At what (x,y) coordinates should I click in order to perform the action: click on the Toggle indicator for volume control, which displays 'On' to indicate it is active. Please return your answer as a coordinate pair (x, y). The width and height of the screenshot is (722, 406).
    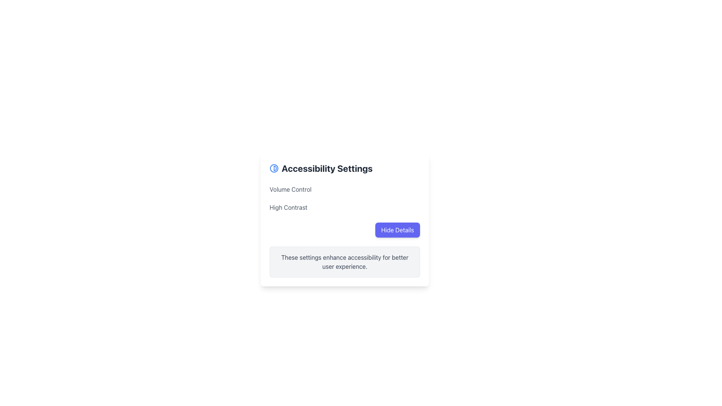
    Looking at the image, I should click on (407, 189).